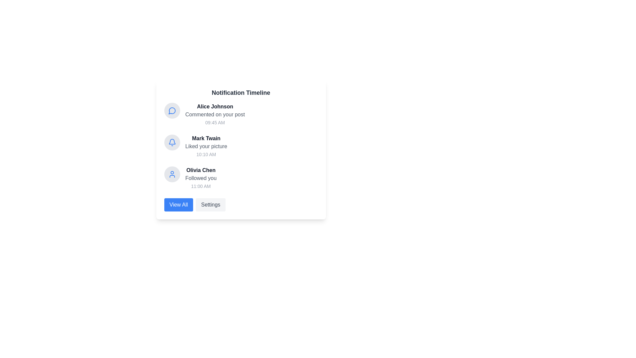 The image size is (636, 358). I want to click on the circular user profile icon with a light gray background and blue profile illustration, located in the third notification item next to 'Olivia Chen Followed you 11:00 AM', so click(172, 174).